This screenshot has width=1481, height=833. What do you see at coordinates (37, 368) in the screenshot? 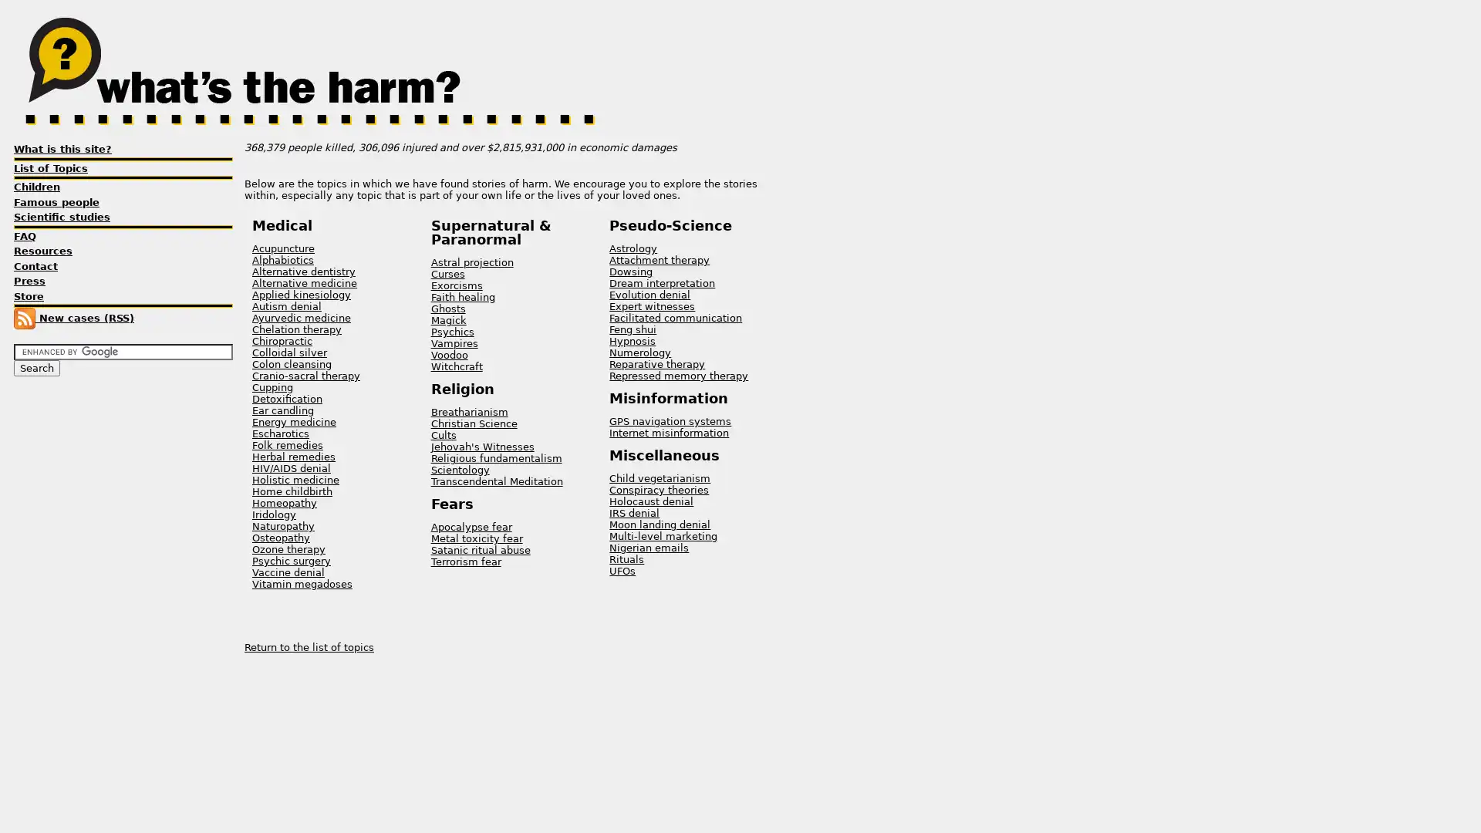
I see `Search` at bounding box center [37, 368].